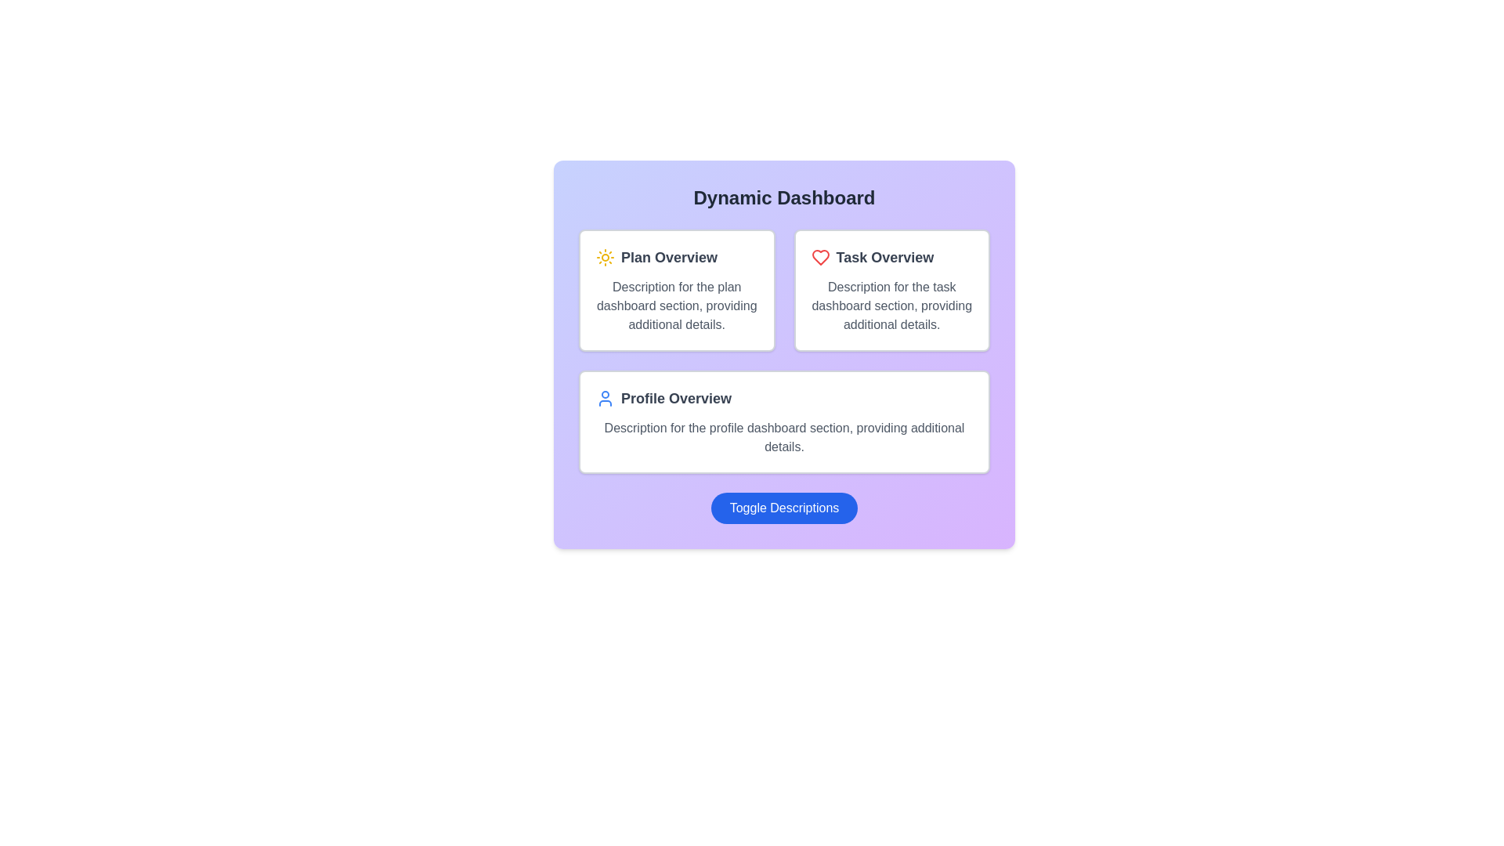  Describe the element at coordinates (604, 256) in the screenshot. I see `the sun icon representing brightness located within the 'Plan Overview' card, positioned at the top-left of the three centrally aligned cards` at that location.